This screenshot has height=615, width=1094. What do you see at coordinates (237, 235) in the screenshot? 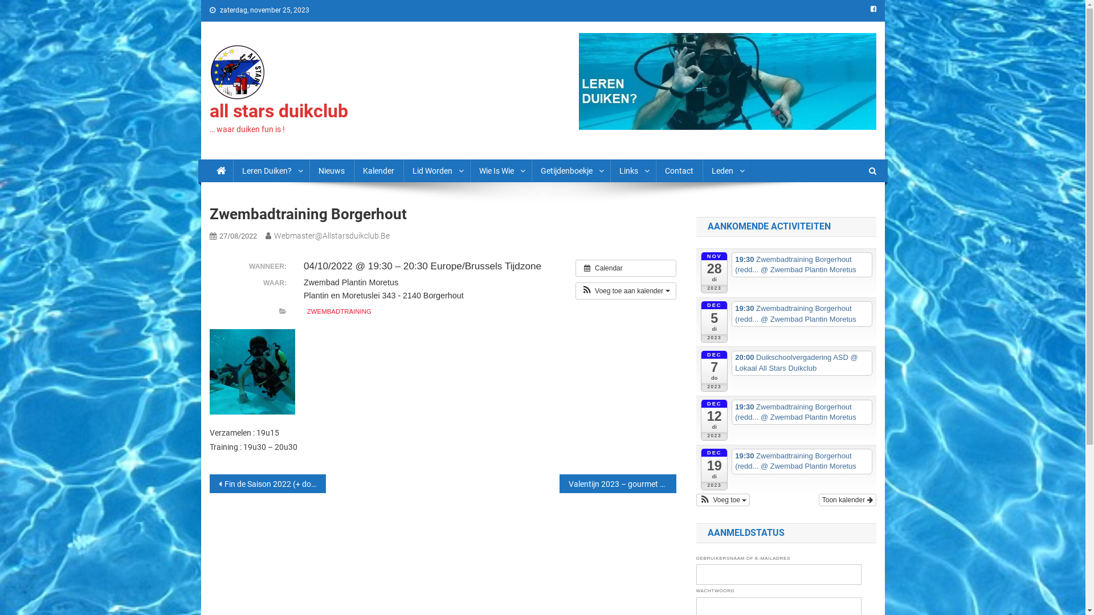
I see `'27/08/2022'` at bounding box center [237, 235].